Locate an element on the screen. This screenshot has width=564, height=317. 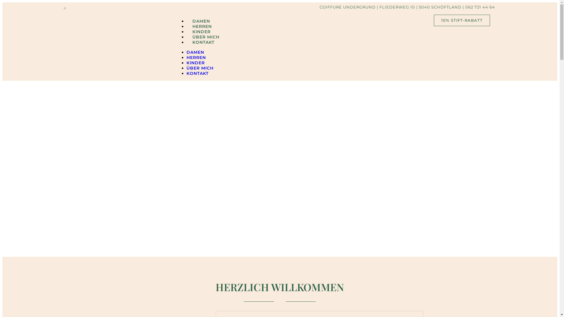
'KINDER' is located at coordinates (202, 32).